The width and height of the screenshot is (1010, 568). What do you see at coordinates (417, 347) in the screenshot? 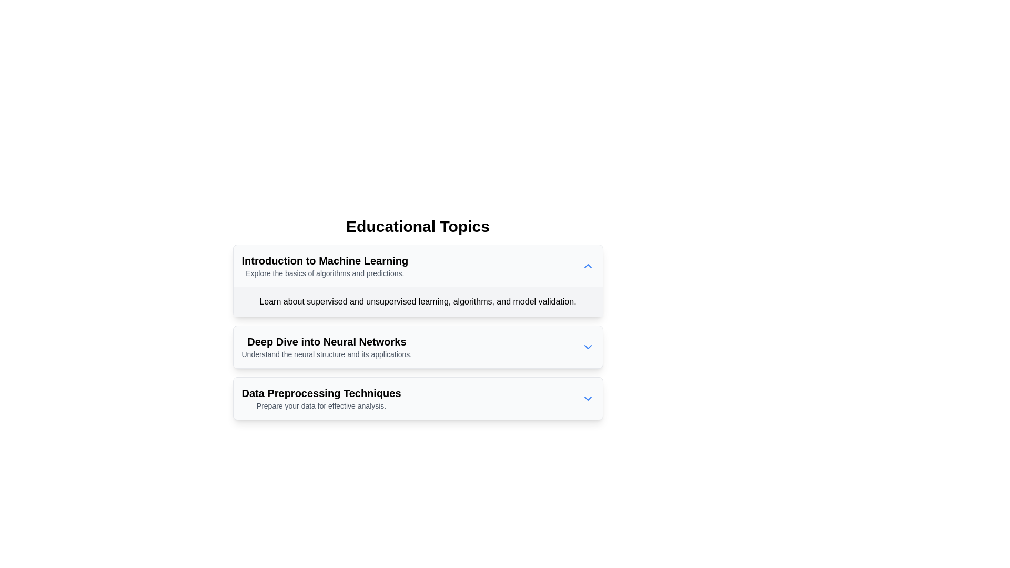
I see `the collapsible list item labeled 'Deep Dive into Neural Networks'` at bounding box center [417, 347].